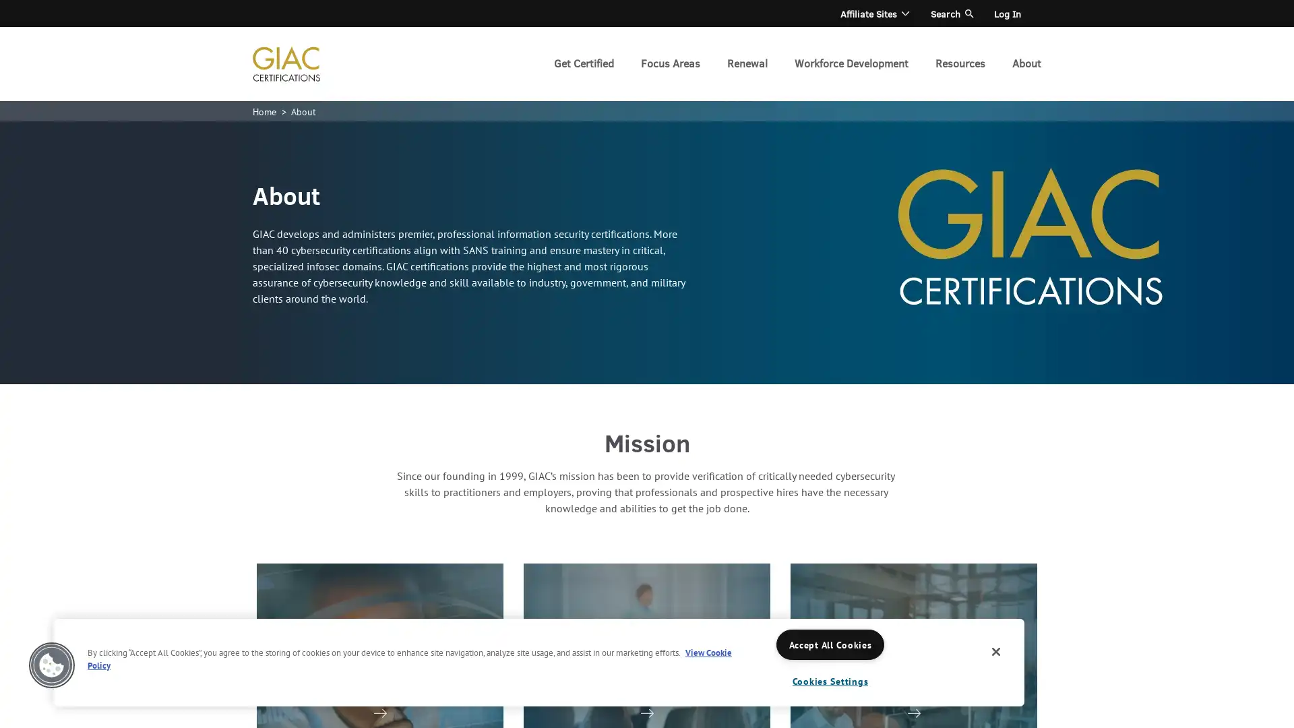 This screenshot has width=1294, height=728. What do you see at coordinates (830, 644) in the screenshot?
I see `Accept All Cookies` at bounding box center [830, 644].